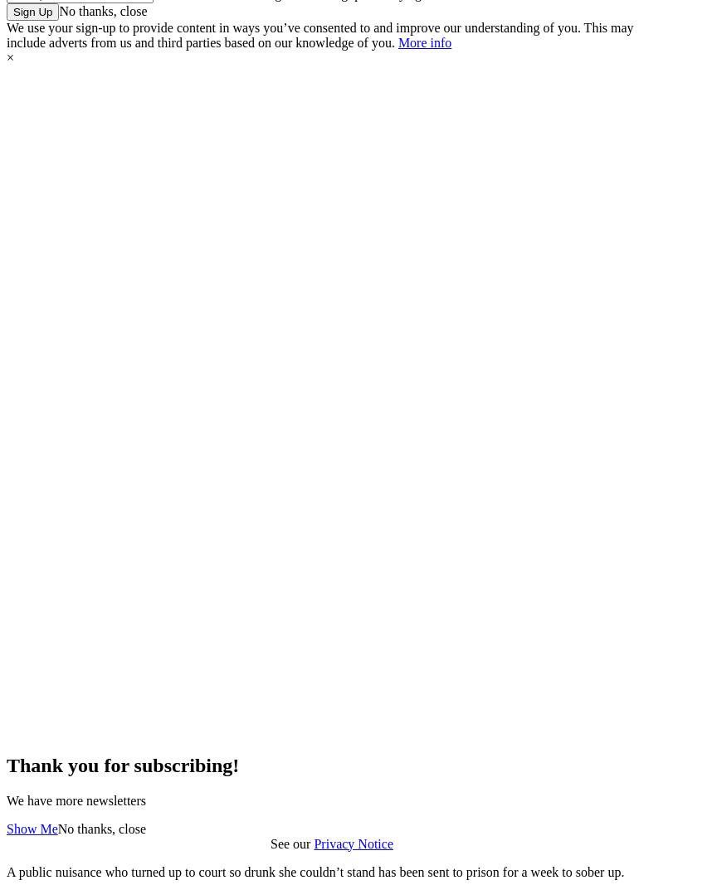 The image size is (712, 890). I want to click on 'We use your sign-up to provide content in ways you’ve consented to and improve our understanding of you. This may include adverts from us and third parties based on our knowledge of you.', so click(319, 33).